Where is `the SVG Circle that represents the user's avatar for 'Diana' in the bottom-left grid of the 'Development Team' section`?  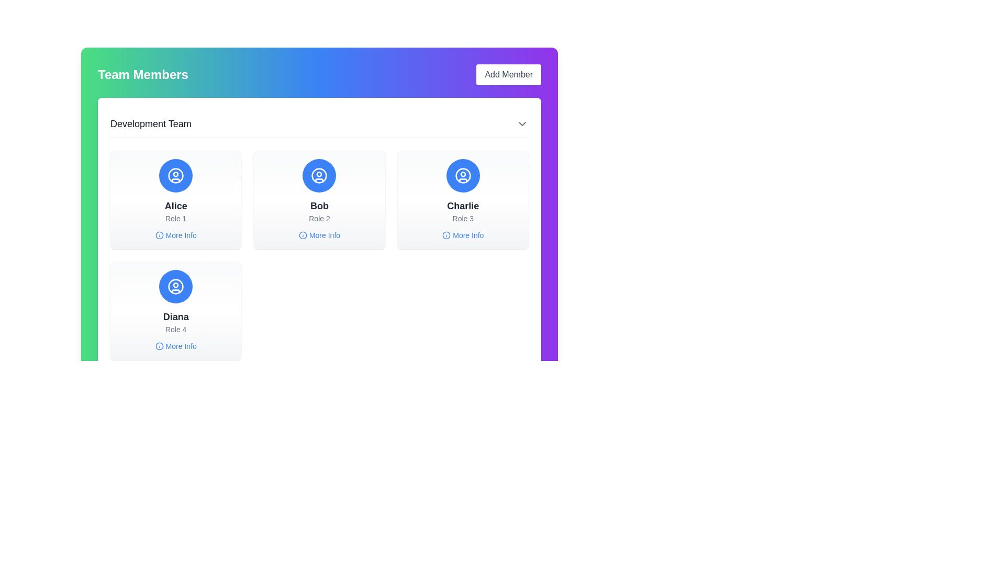
the SVG Circle that represents the user's avatar for 'Diana' in the bottom-left grid of the 'Development Team' section is located at coordinates (176, 286).